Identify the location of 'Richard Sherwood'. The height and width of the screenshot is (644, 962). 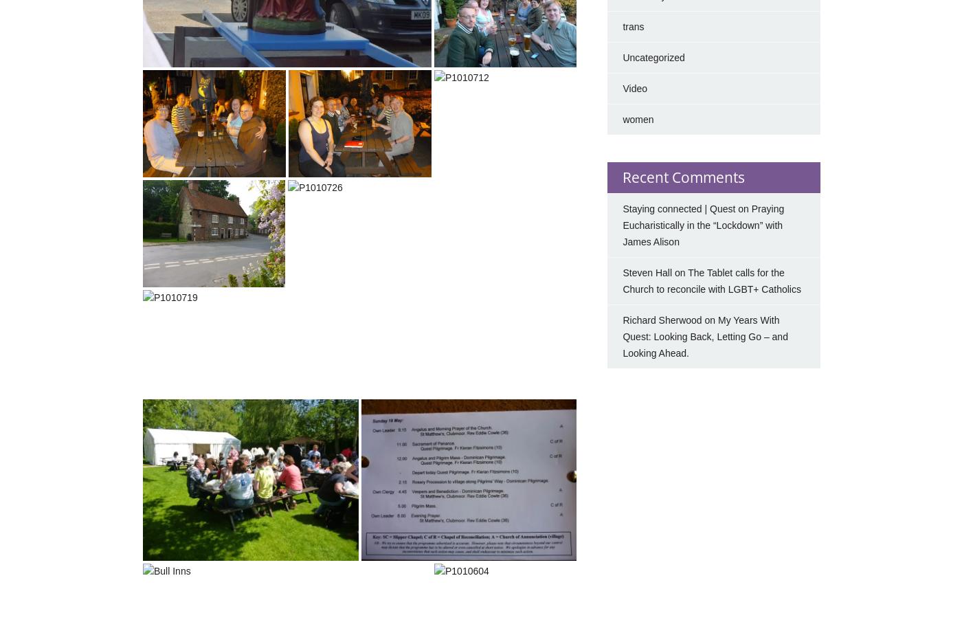
(662, 319).